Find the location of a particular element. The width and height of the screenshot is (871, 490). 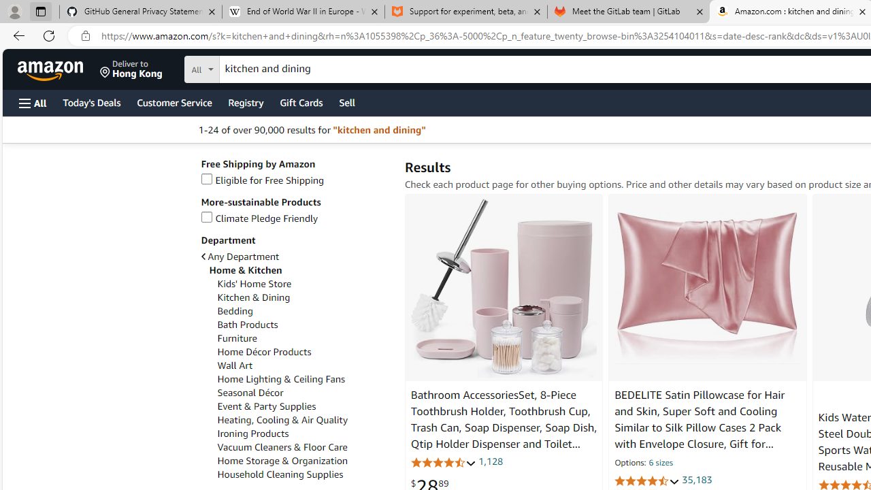

'Eligible for Free Shipping' is located at coordinates (262, 179).